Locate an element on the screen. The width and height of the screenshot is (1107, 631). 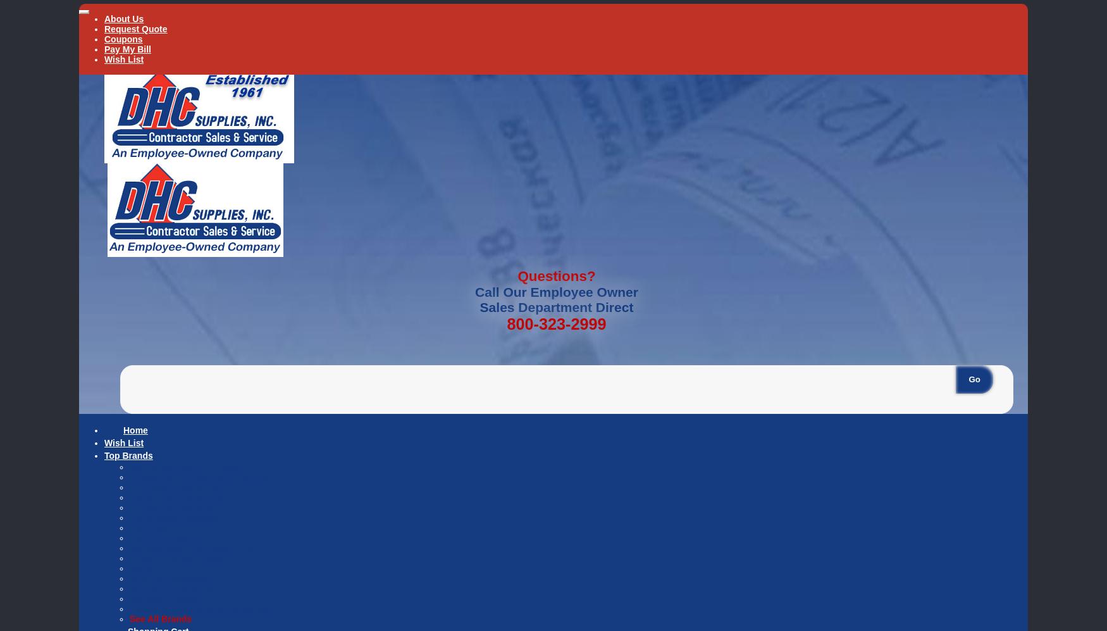
'Marshalltown Concrete Tools' is located at coordinates (190, 547).